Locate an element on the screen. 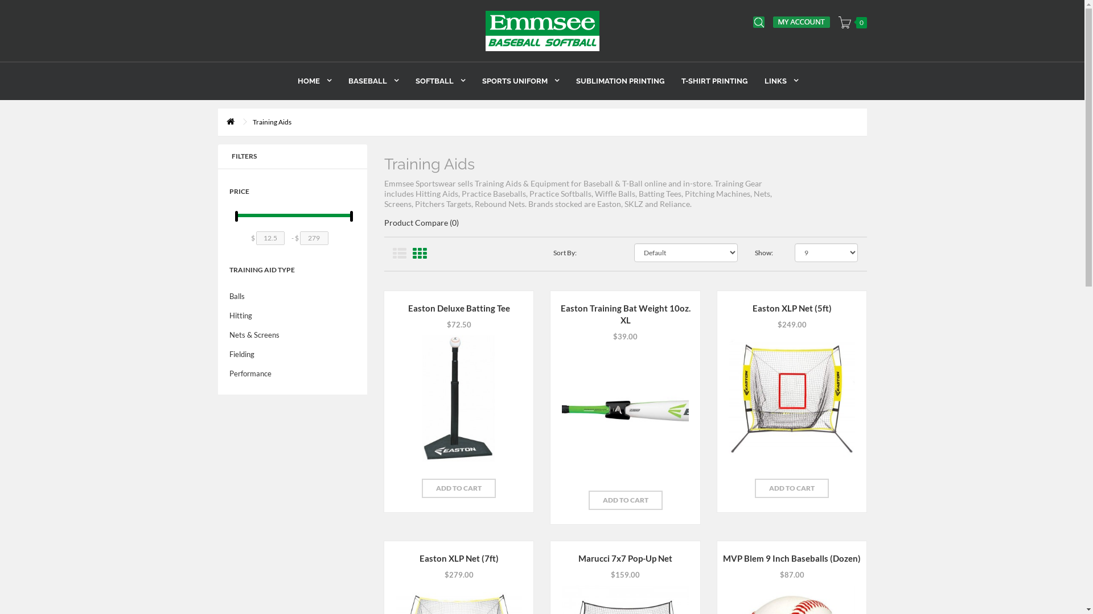  '0' is located at coordinates (852, 22).